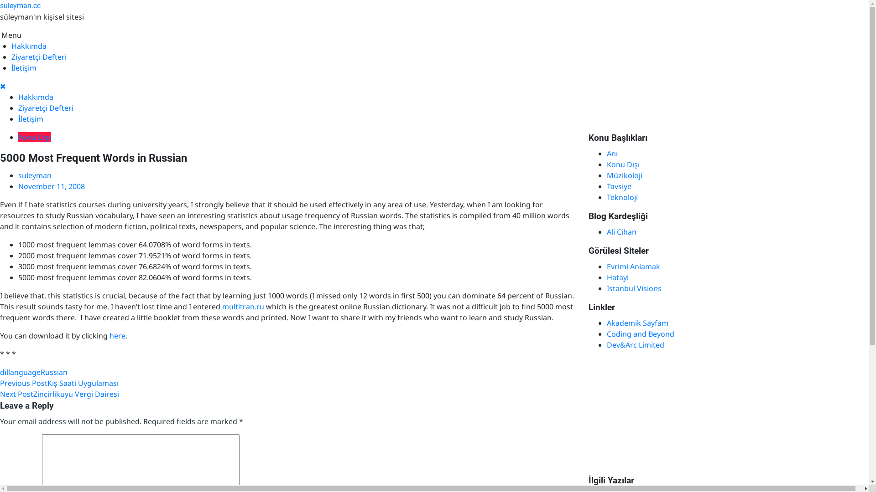 The image size is (876, 492). What do you see at coordinates (621, 231) in the screenshot?
I see `'Ali Cihan'` at bounding box center [621, 231].